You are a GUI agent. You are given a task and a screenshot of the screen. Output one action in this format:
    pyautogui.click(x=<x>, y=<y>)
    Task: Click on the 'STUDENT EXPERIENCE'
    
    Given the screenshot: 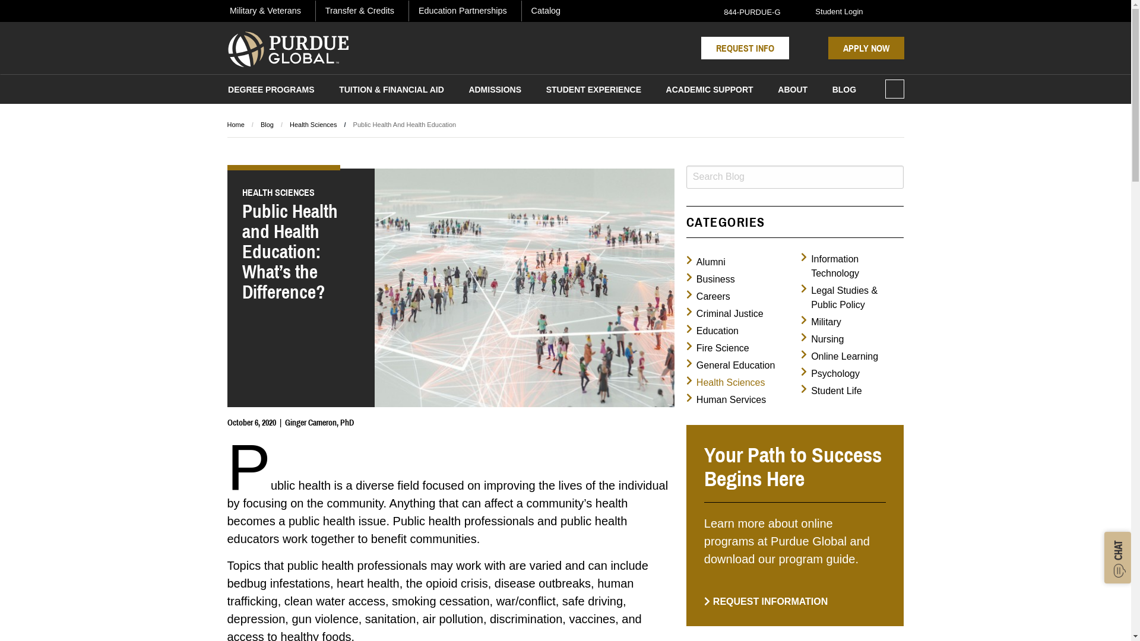 What is the action you would take?
    pyautogui.click(x=593, y=91)
    